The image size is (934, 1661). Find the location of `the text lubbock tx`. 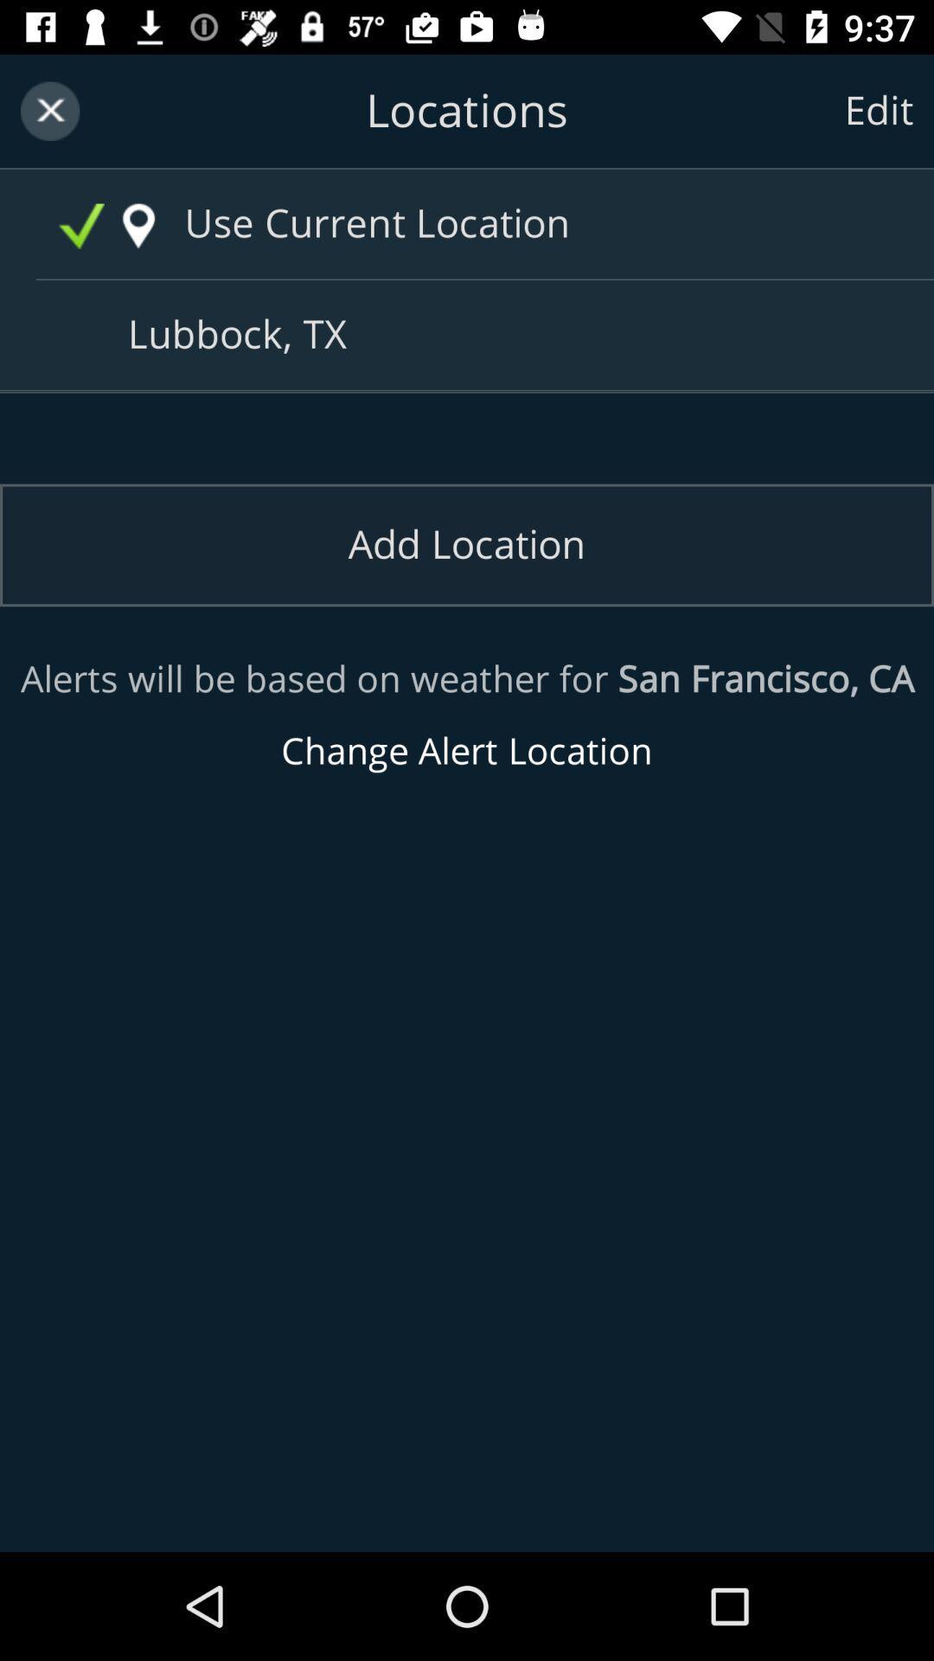

the text lubbock tx is located at coordinates (473, 335).